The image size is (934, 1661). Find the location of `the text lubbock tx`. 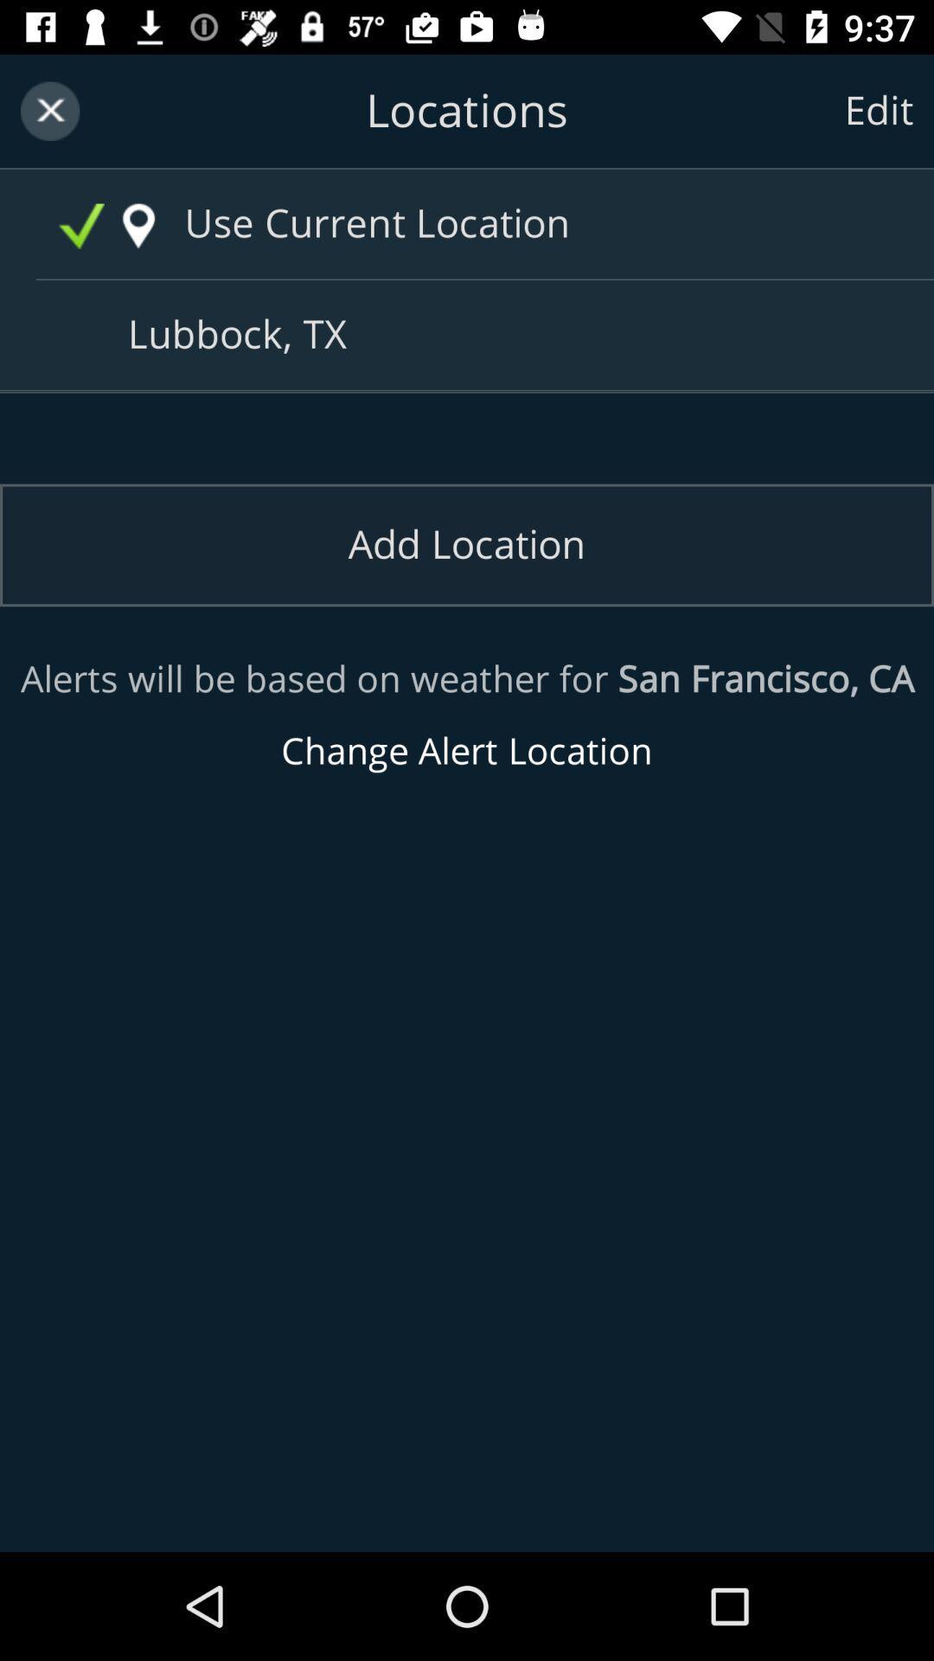

the text lubbock tx is located at coordinates (473, 335).